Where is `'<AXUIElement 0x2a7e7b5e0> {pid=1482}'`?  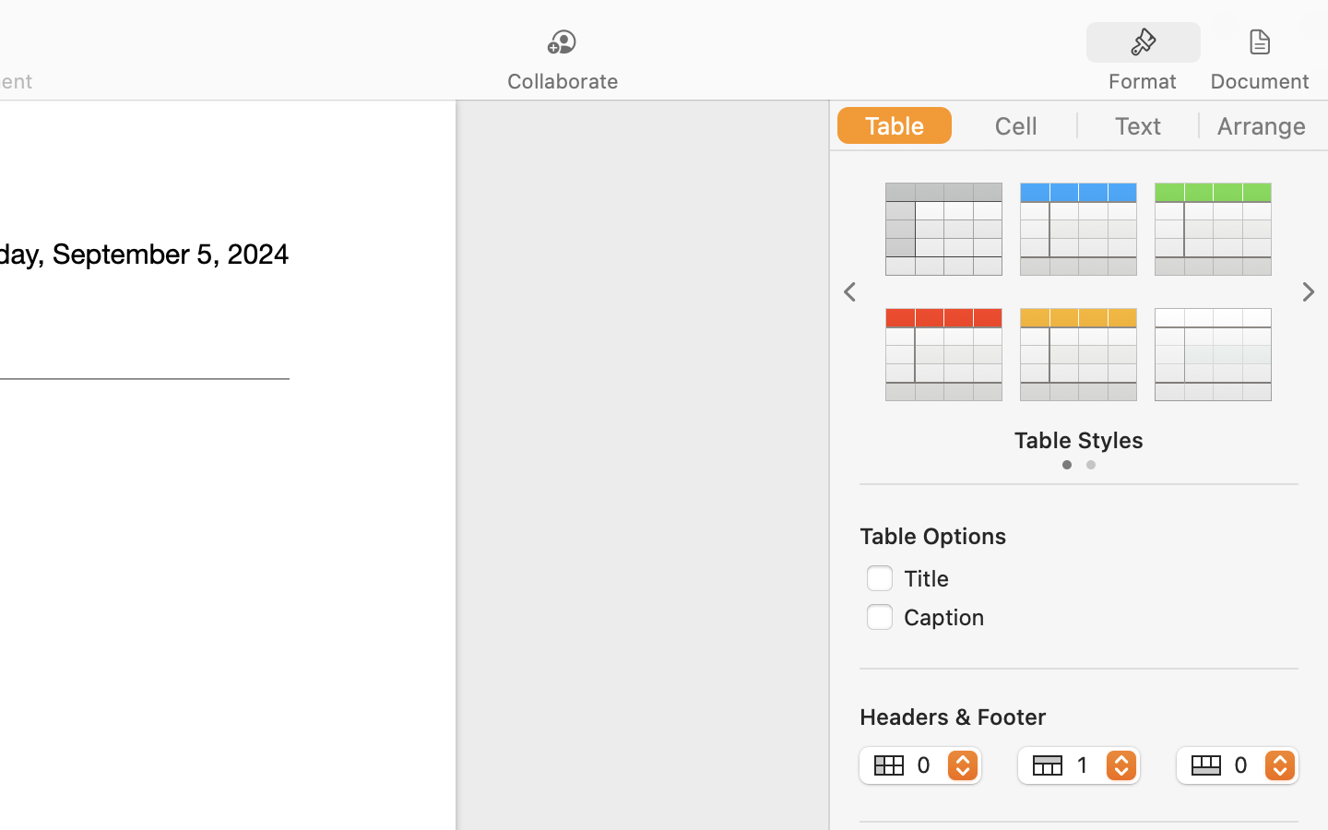
'<AXUIElement 0x2a7e7b5e0> {pid=1482}' is located at coordinates (1202, 41).